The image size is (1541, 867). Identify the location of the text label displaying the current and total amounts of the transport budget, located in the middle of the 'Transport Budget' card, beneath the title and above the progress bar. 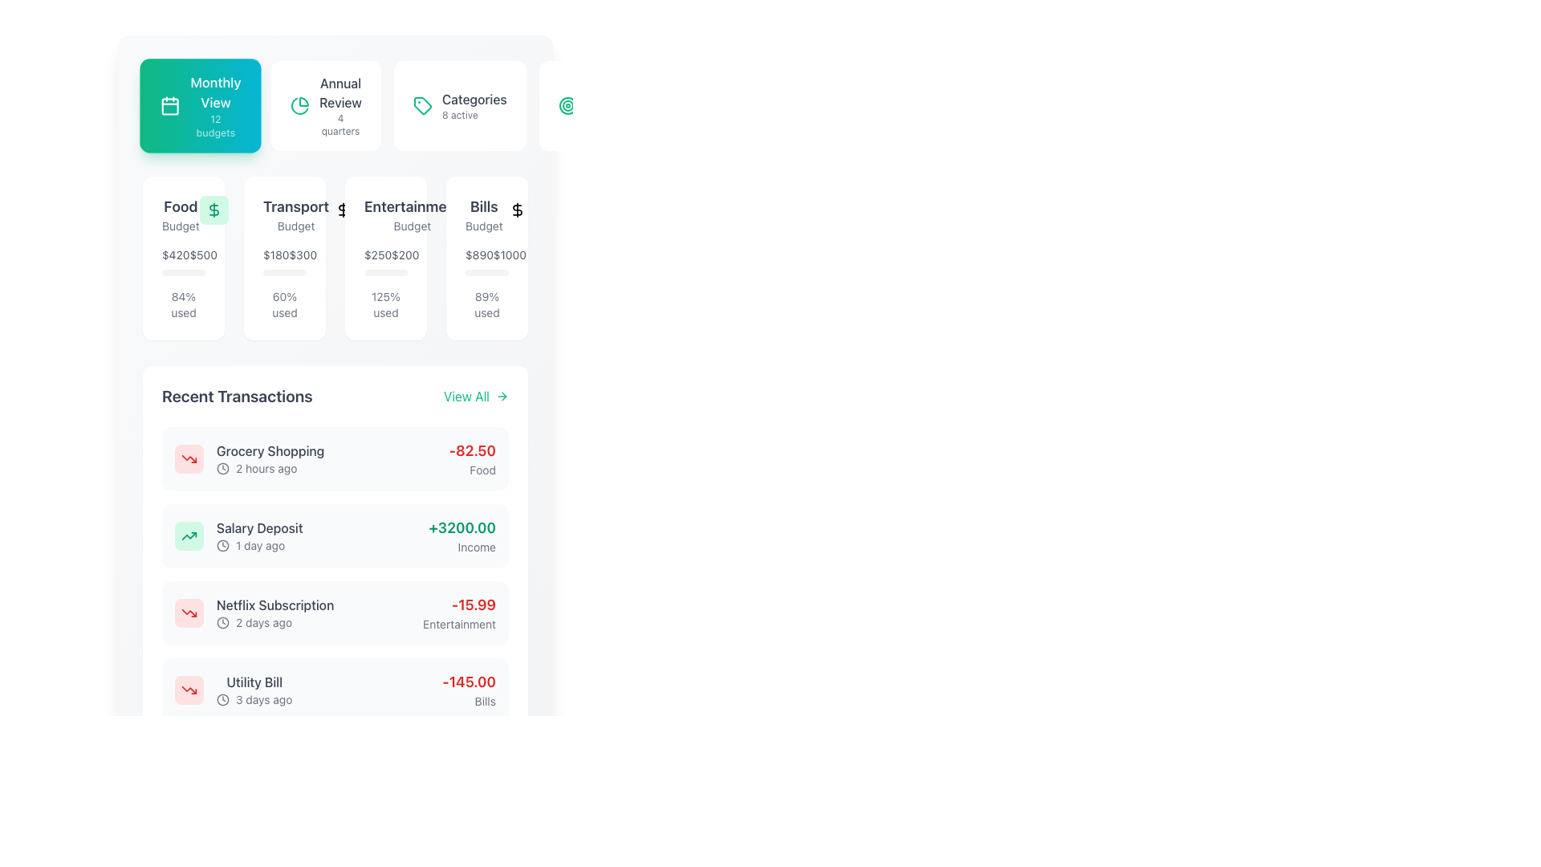
(285, 261).